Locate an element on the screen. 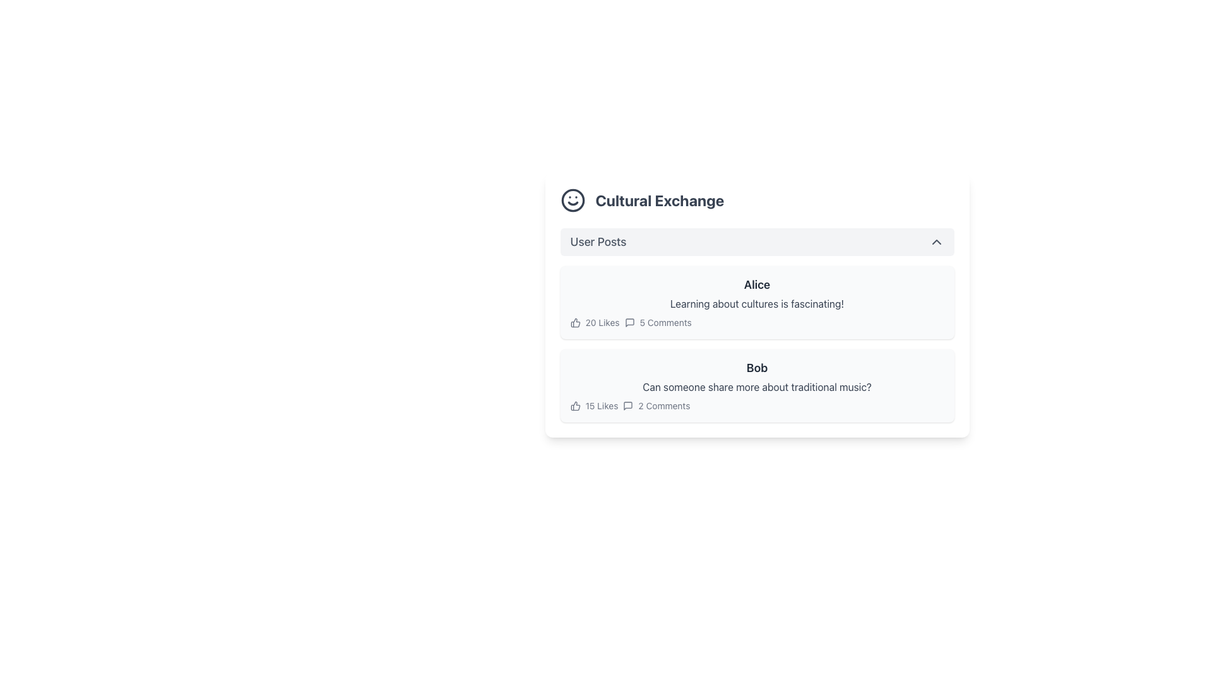 This screenshot has width=1212, height=681. comment count displayed in the Text Label located below Bob's post, adjacent to the '15 Likes' label is located at coordinates (663, 406).